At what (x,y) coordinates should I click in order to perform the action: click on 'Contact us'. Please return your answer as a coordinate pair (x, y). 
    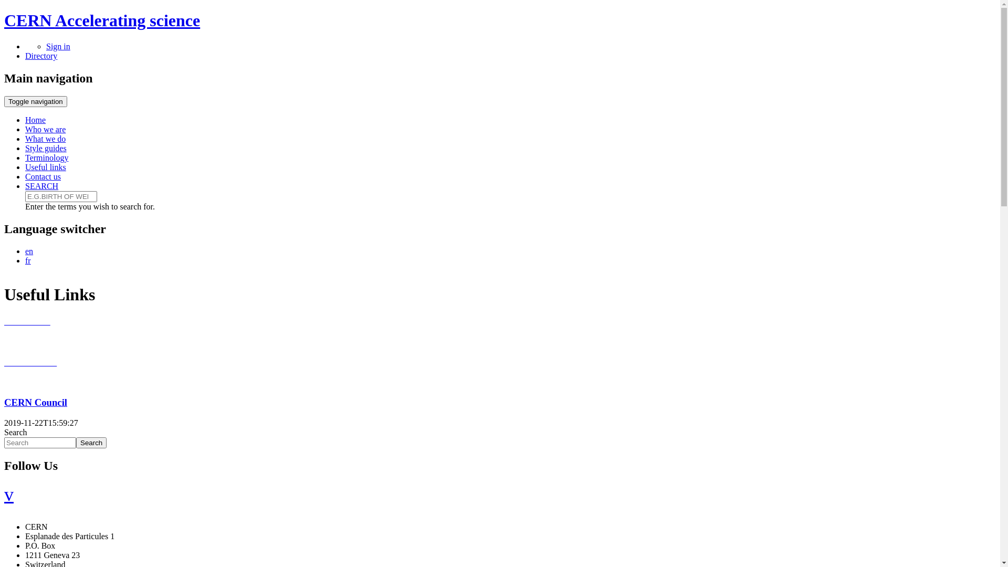
    Looking at the image, I should click on (42, 176).